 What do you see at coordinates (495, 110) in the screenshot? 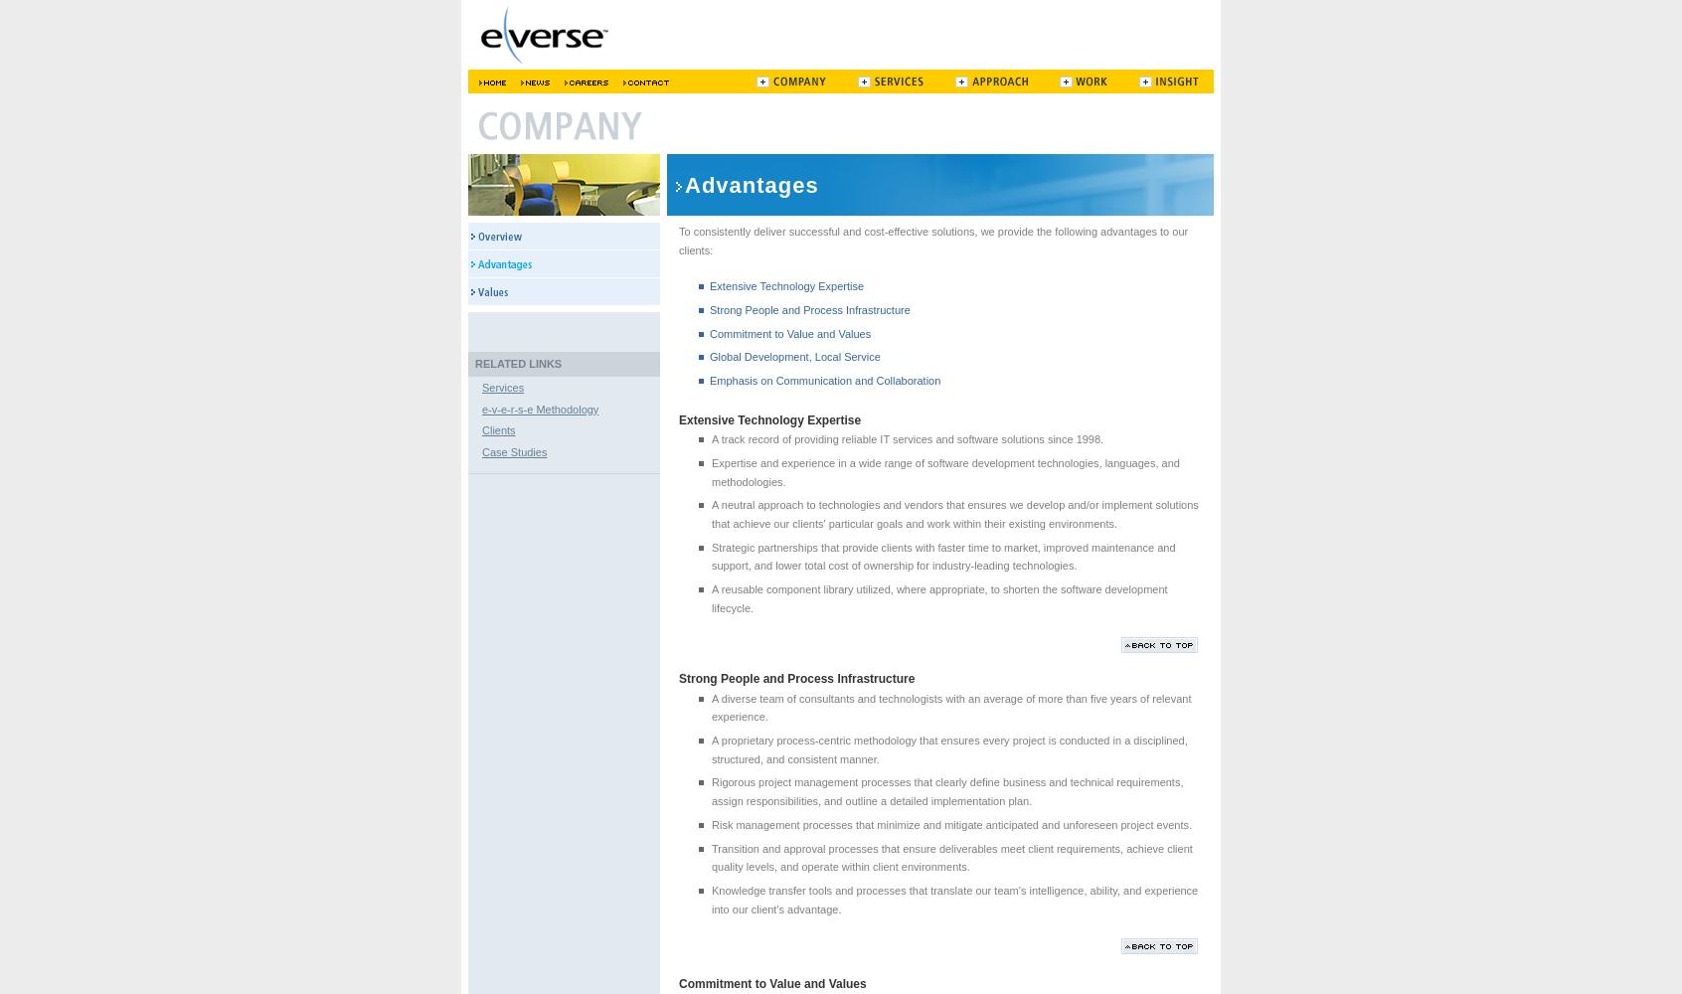
I see `'Development Framework'` at bounding box center [495, 110].